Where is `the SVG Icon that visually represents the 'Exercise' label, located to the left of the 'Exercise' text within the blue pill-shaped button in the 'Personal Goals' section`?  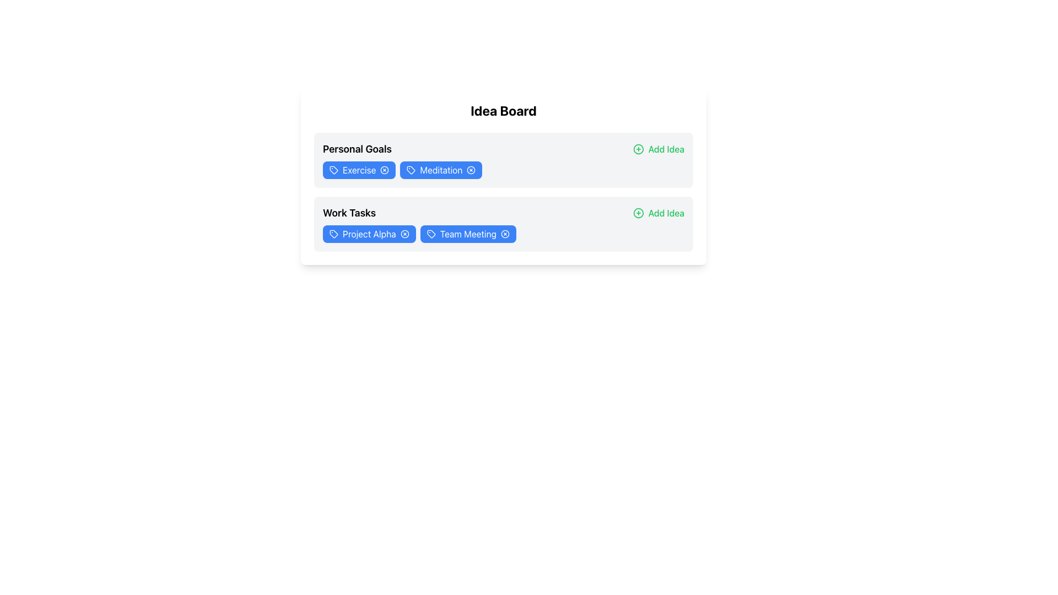 the SVG Icon that visually represents the 'Exercise' label, located to the left of the 'Exercise' text within the blue pill-shaped button in the 'Personal Goals' section is located at coordinates (333, 170).